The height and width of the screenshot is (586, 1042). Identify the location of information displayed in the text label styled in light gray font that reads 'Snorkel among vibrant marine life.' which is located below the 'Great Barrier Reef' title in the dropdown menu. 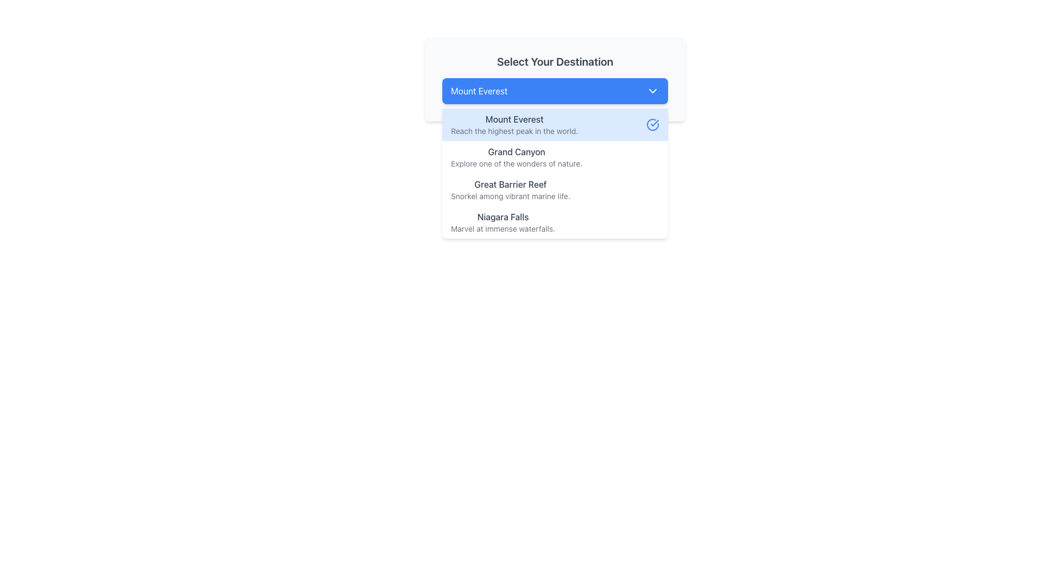
(510, 196).